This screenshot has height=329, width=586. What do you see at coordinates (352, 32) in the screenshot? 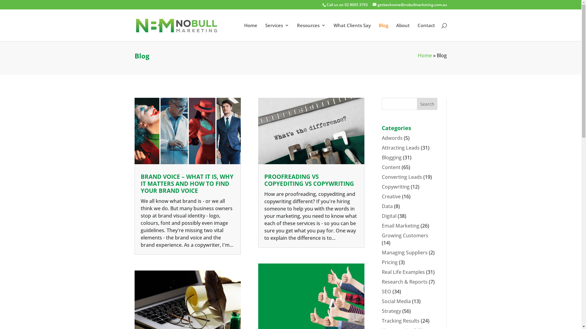
I see `'What Clients Say'` at bounding box center [352, 32].